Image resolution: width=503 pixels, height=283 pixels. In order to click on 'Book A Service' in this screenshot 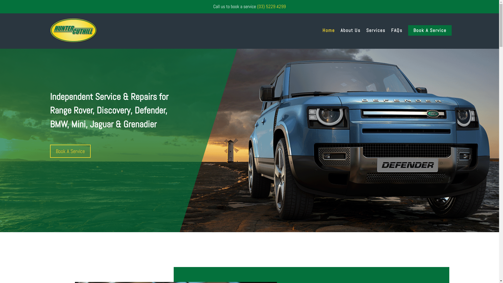, I will do `click(430, 30)`.